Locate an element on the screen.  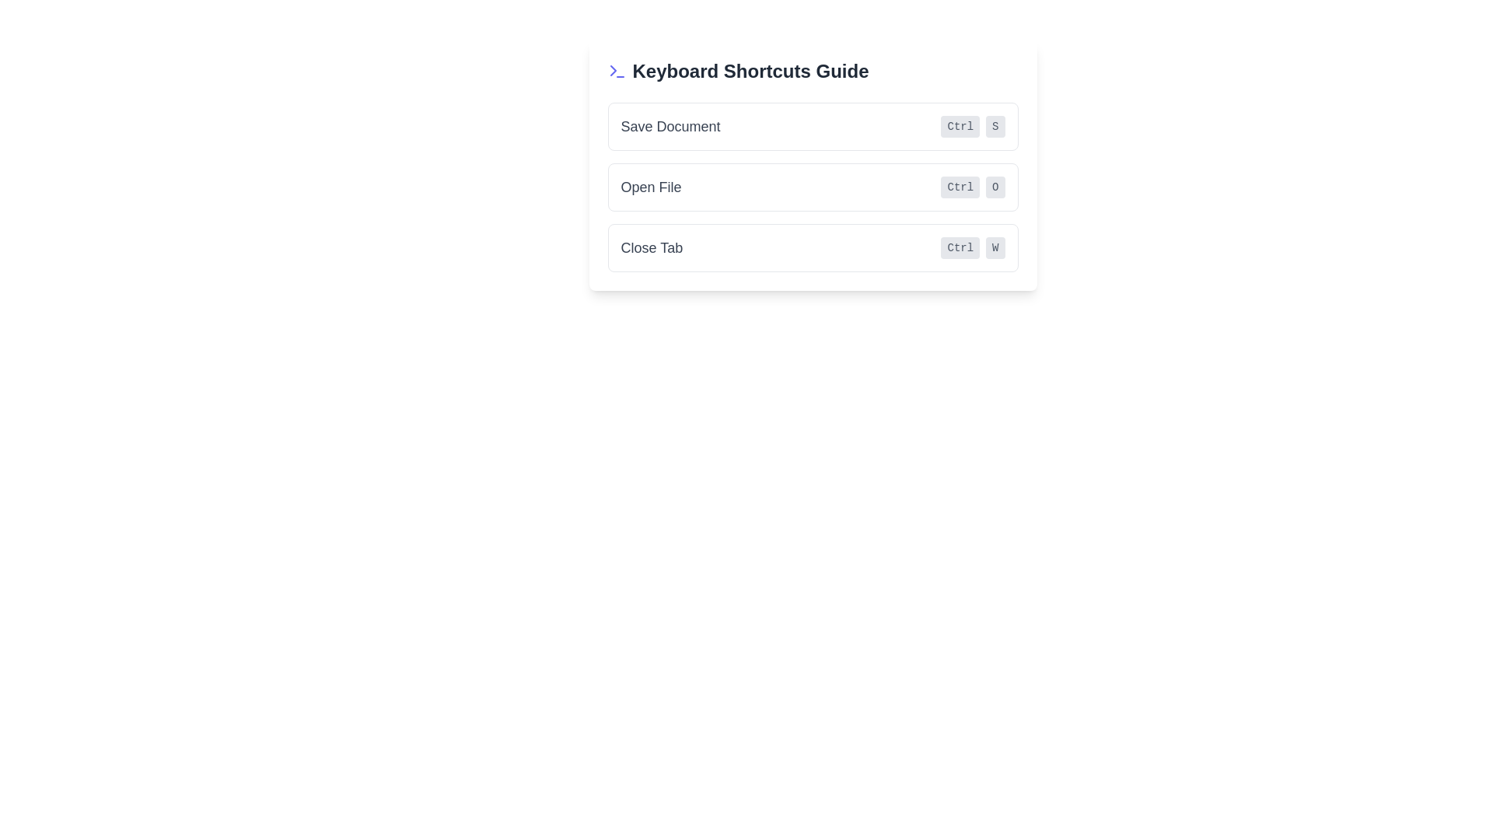
the 'Ctrl' text label, which visually represents the 'Ctrl' key and is positioned to the left of the 'S' key in the 'Save Document' shortcut description is located at coordinates (960, 125).